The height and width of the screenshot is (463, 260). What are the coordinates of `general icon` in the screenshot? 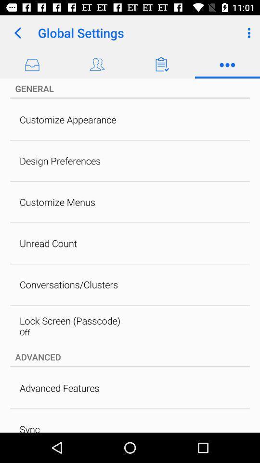 It's located at (130, 88).